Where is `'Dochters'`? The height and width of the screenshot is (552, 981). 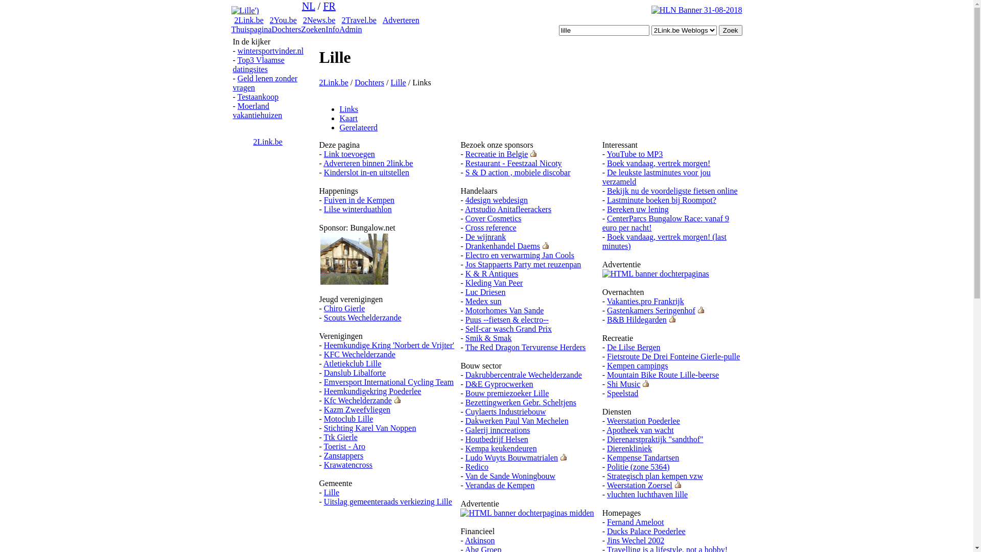
'Dochters' is located at coordinates (369, 82).